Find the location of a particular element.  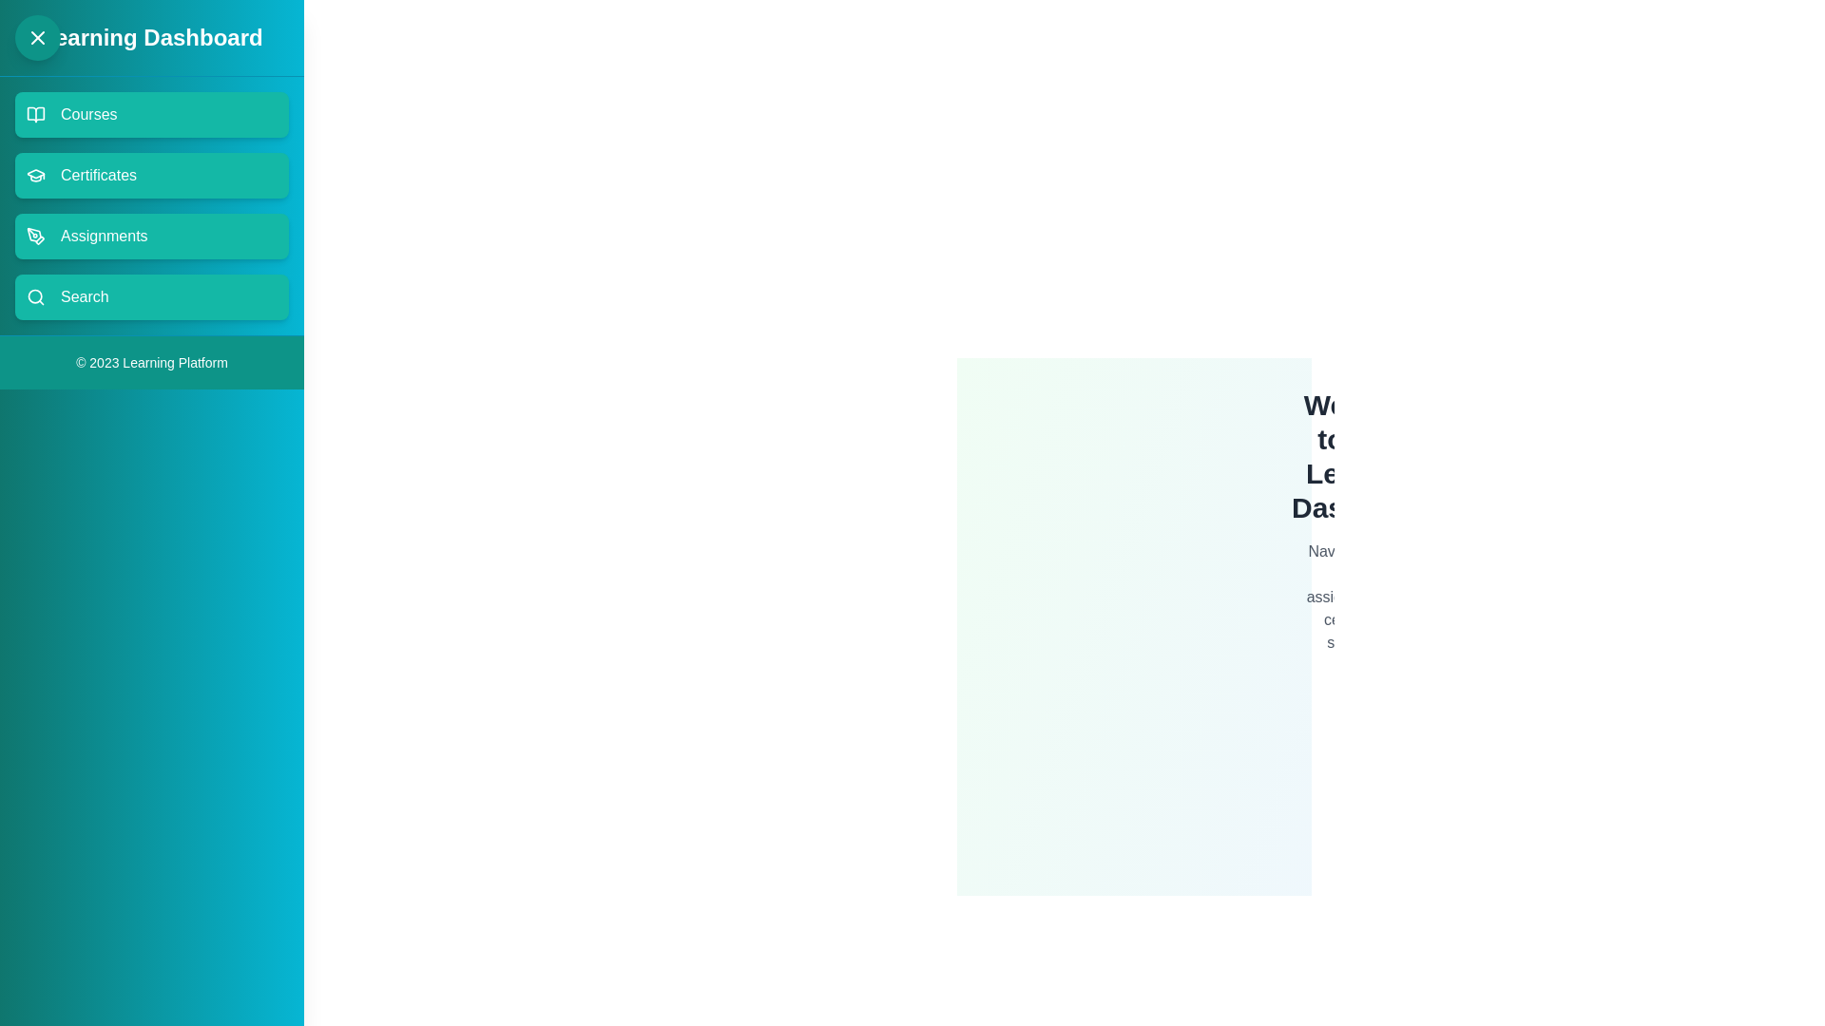

the 'Certificates' icon represented by a graduation cap located at the leftmost portion of the 'Certificates' button in the vertical navigation menu under 'Learning Dashboard' is located at coordinates (36, 176).